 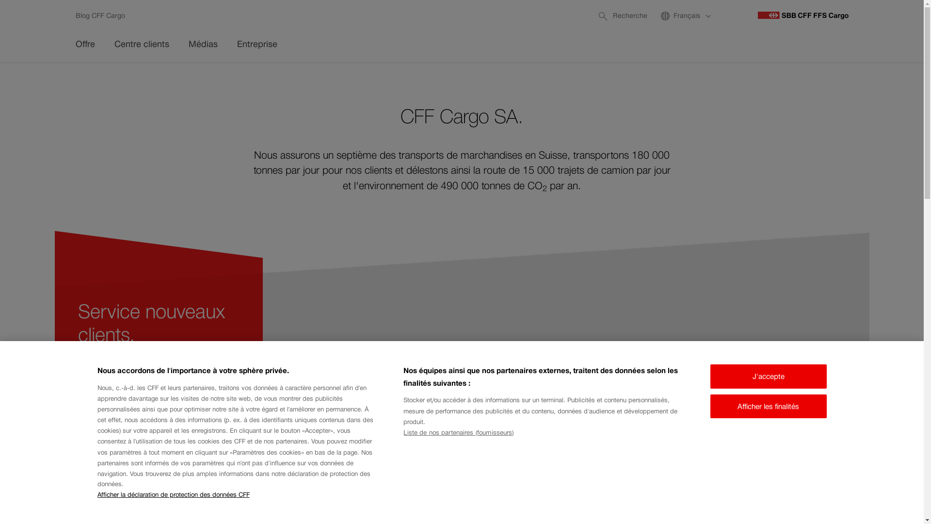 What do you see at coordinates (85, 45) in the screenshot?
I see `'Offre'` at bounding box center [85, 45].